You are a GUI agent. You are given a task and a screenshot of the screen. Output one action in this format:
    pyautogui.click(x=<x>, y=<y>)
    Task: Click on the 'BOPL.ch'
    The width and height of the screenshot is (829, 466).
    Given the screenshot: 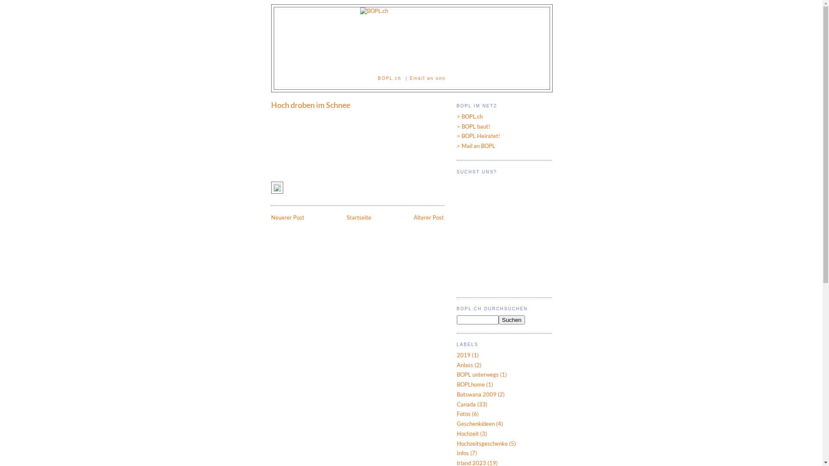 What is the action you would take?
    pyautogui.click(x=389, y=78)
    